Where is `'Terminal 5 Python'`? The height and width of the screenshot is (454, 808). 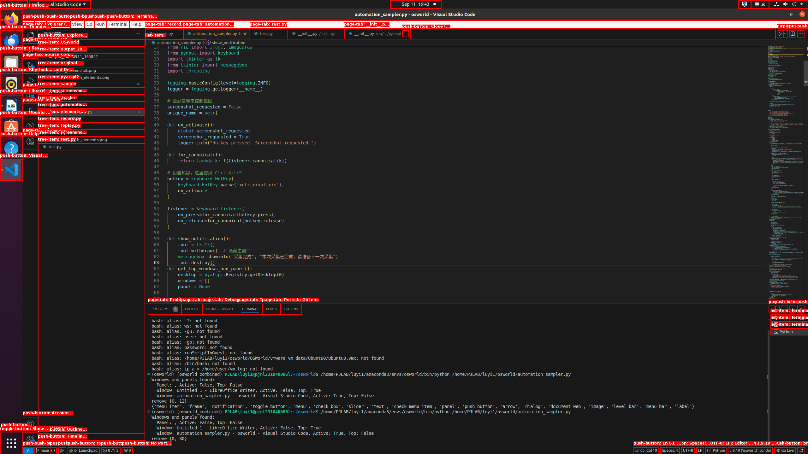 'Terminal 5 Python' is located at coordinates (789, 332).